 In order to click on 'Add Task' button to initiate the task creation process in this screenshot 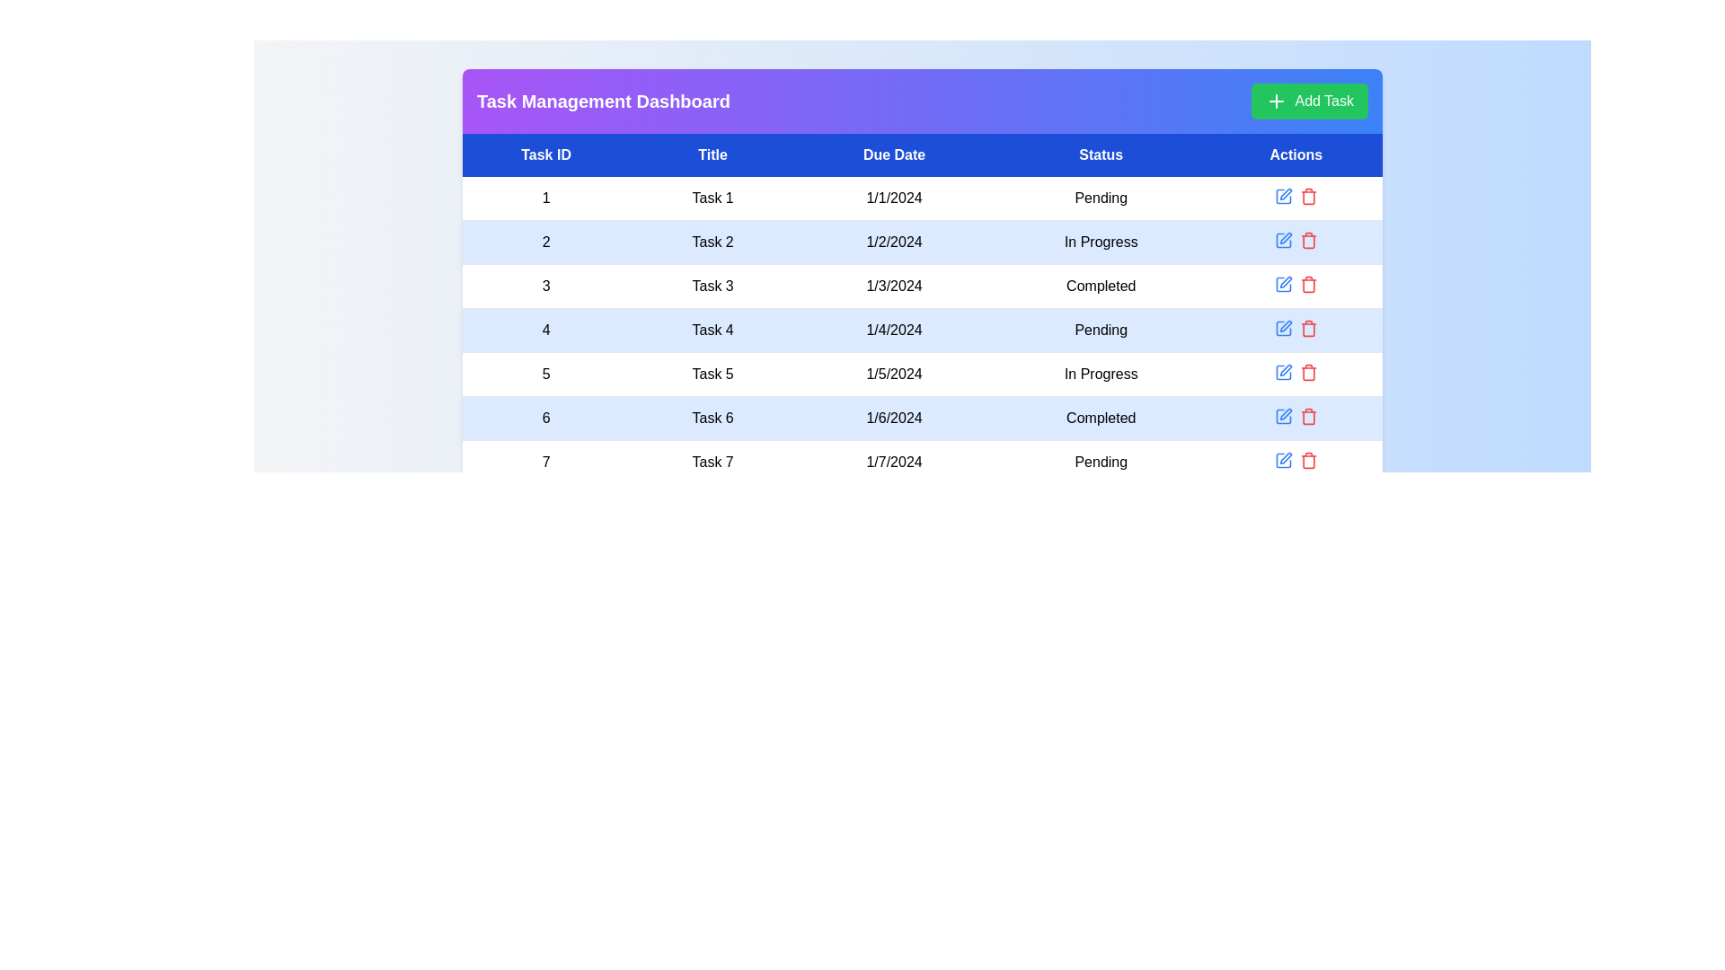, I will do `click(1310, 101)`.